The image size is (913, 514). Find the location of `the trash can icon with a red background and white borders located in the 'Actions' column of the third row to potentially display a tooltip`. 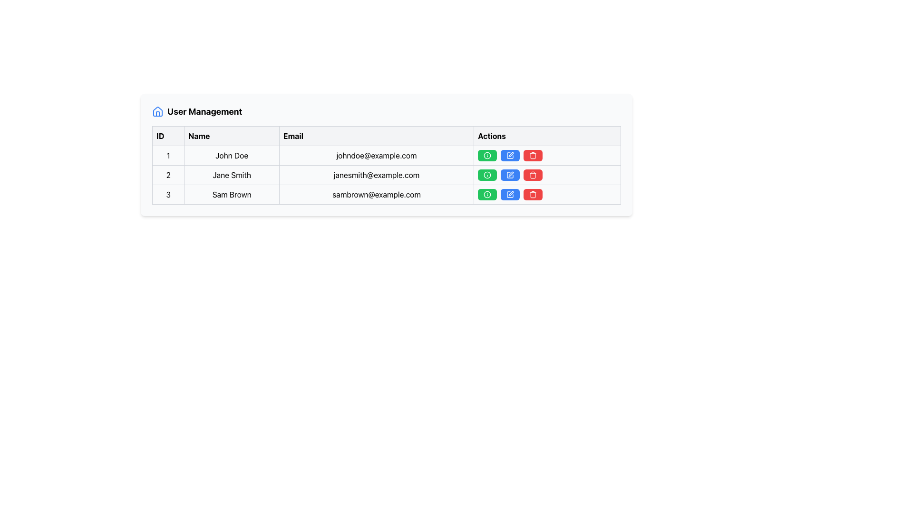

the trash can icon with a red background and white borders located in the 'Actions' column of the third row to potentially display a tooltip is located at coordinates (533, 194).